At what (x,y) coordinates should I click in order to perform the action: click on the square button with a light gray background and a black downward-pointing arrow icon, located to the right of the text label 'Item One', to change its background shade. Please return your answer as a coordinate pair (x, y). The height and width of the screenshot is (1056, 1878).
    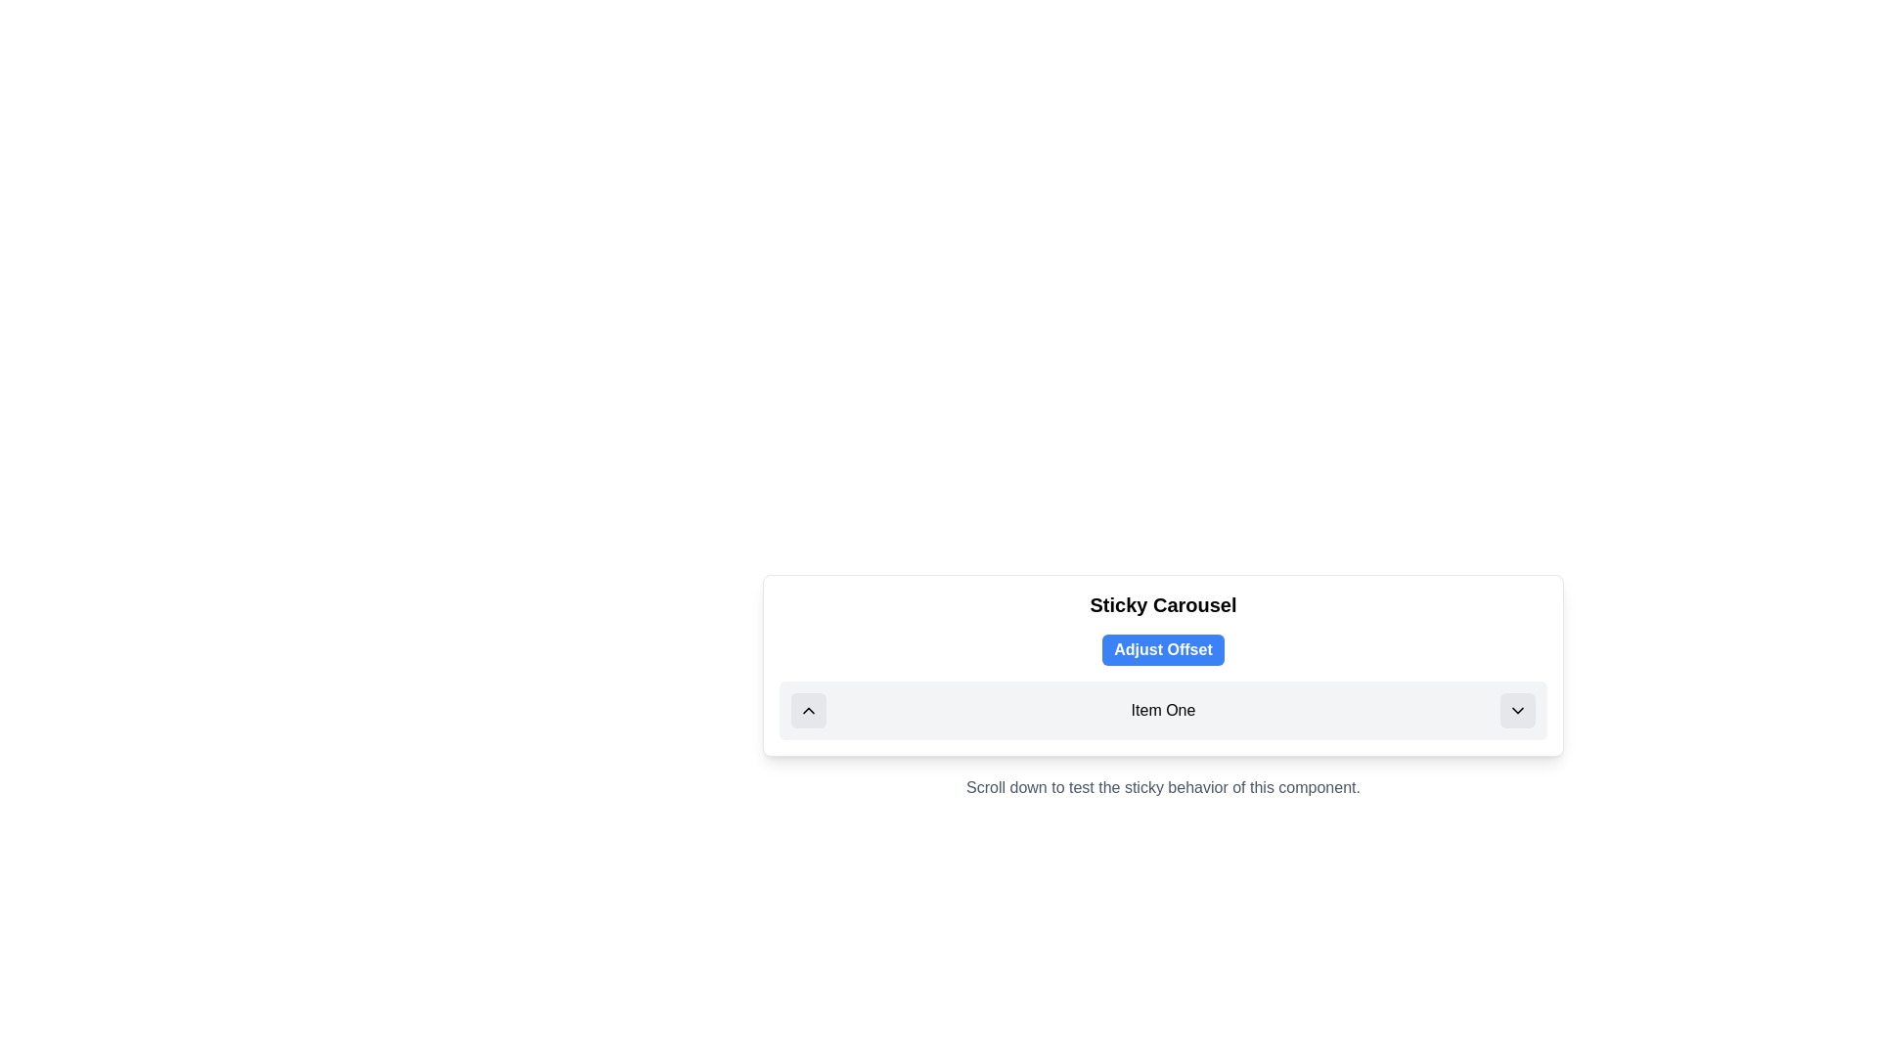
    Looking at the image, I should click on (1516, 710).